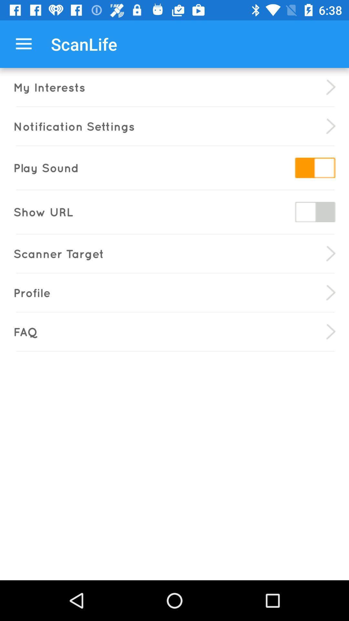  Describe the element at coordinates (23, 44) in the screenshot. I see `app next to scanlife app` at that location.